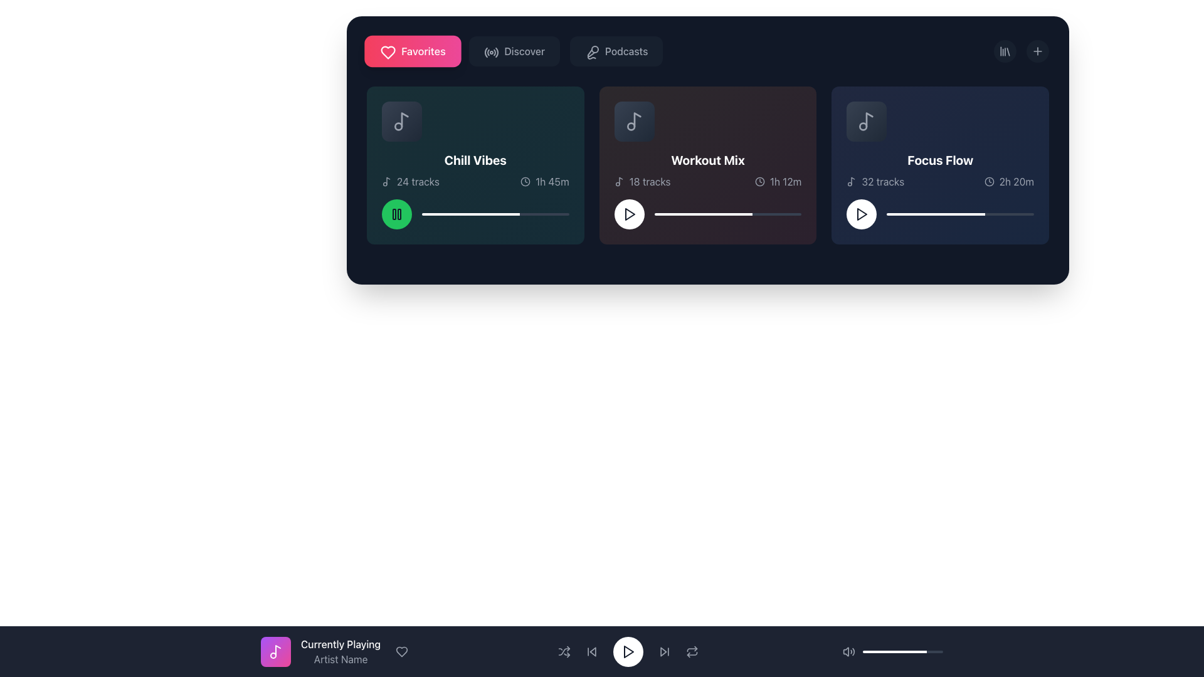  What do you see at coordinates (470, 214) in the screenshot?
I see `the white progress bar section located below the 'Chill Vibes' audio track details, which occupies two-thirds of the available width within a gray progress bar background` at bounding box center [470, 214].